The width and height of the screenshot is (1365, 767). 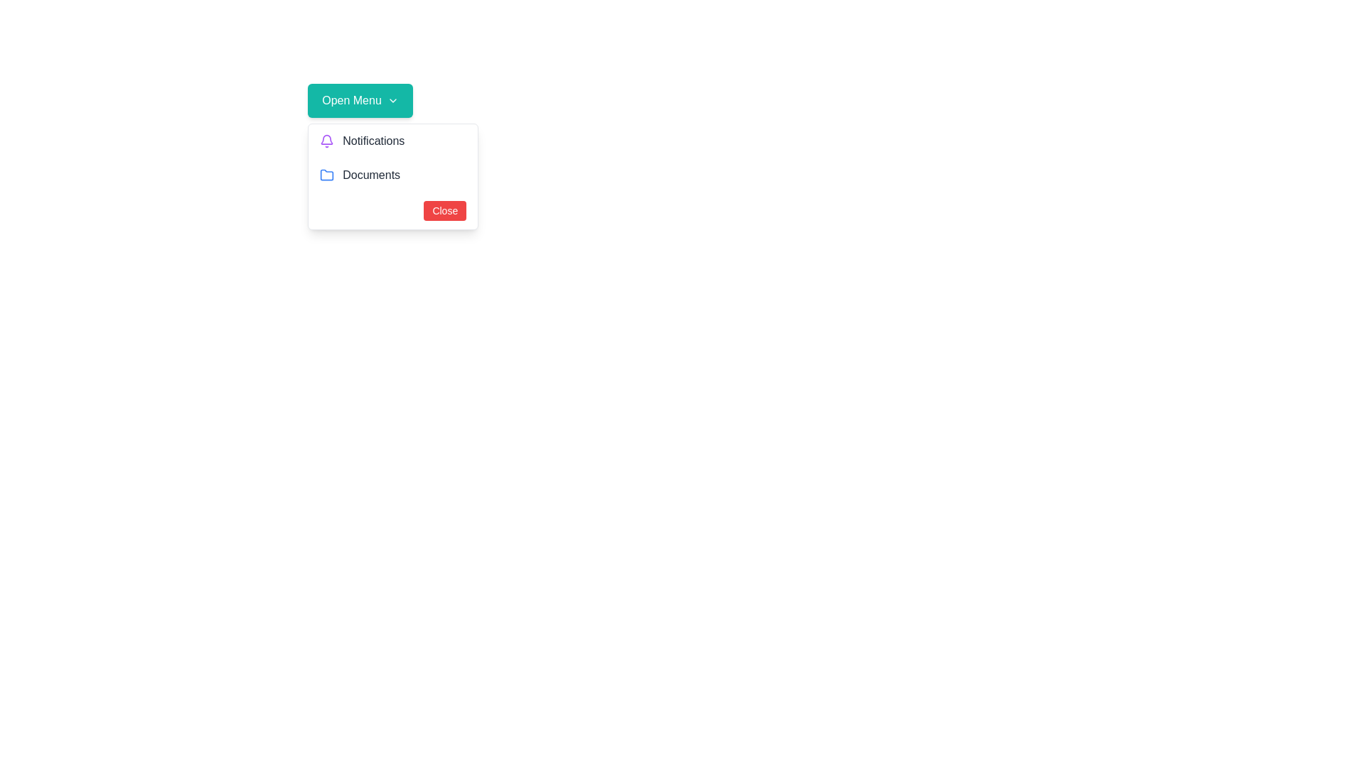 What do you see at coordinates (393, 174) in the screenshot?
I see `the 'Documents' menu item in the vertical popup menu` at bounding box center [393, 174].